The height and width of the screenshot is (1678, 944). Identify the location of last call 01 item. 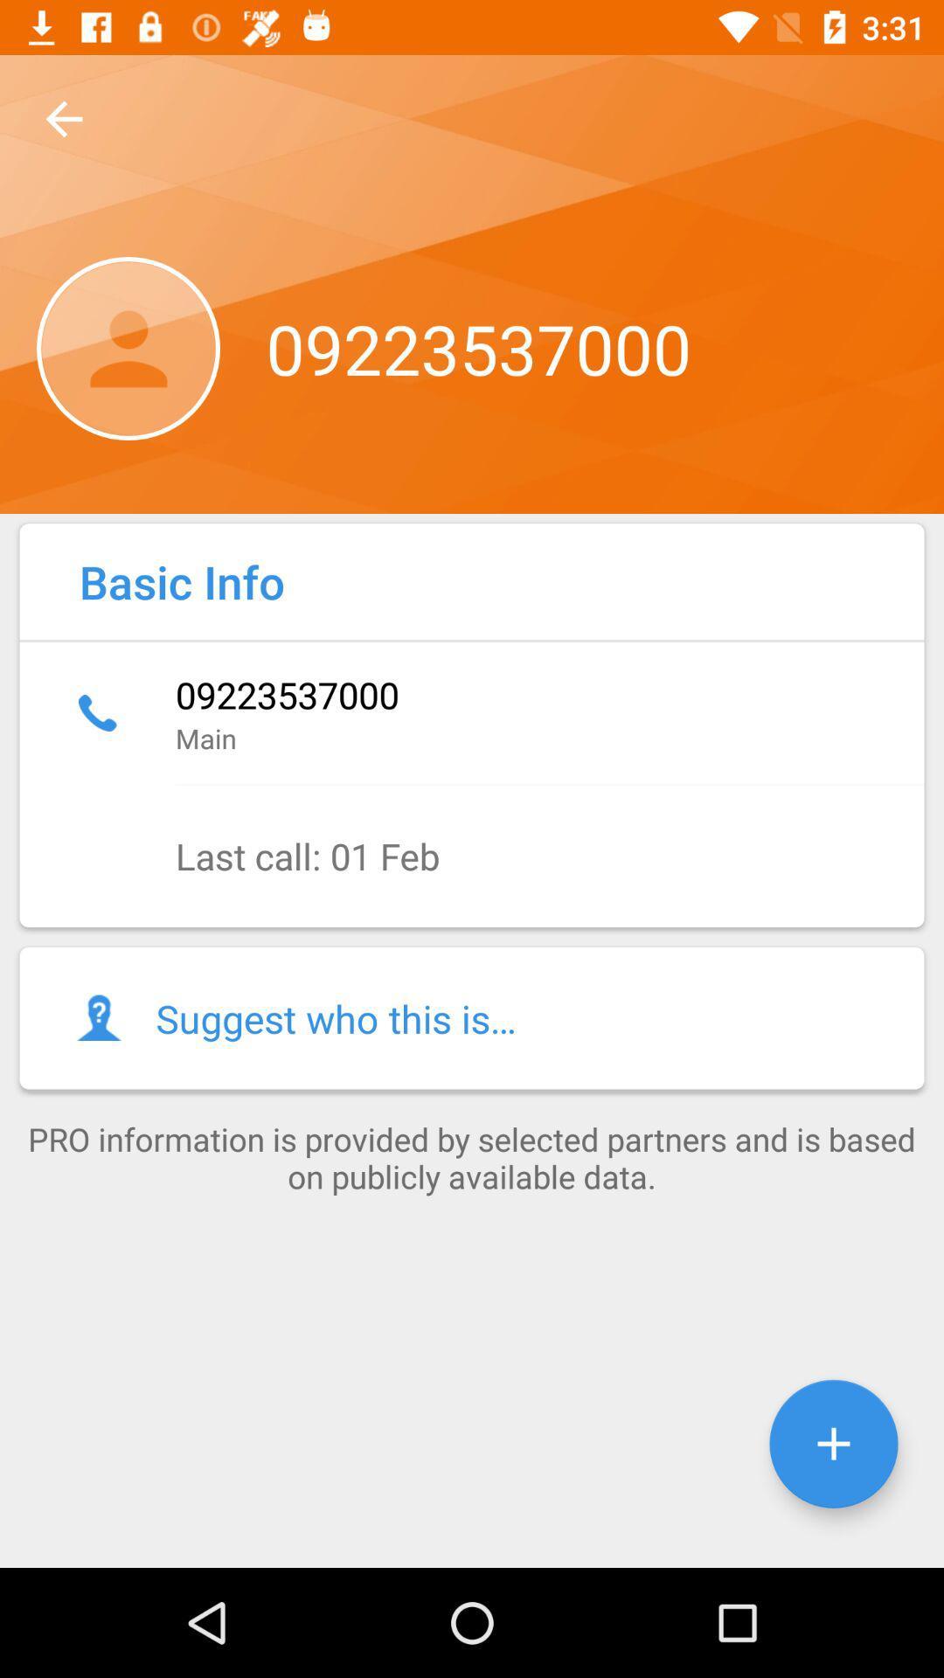
(472, 856).